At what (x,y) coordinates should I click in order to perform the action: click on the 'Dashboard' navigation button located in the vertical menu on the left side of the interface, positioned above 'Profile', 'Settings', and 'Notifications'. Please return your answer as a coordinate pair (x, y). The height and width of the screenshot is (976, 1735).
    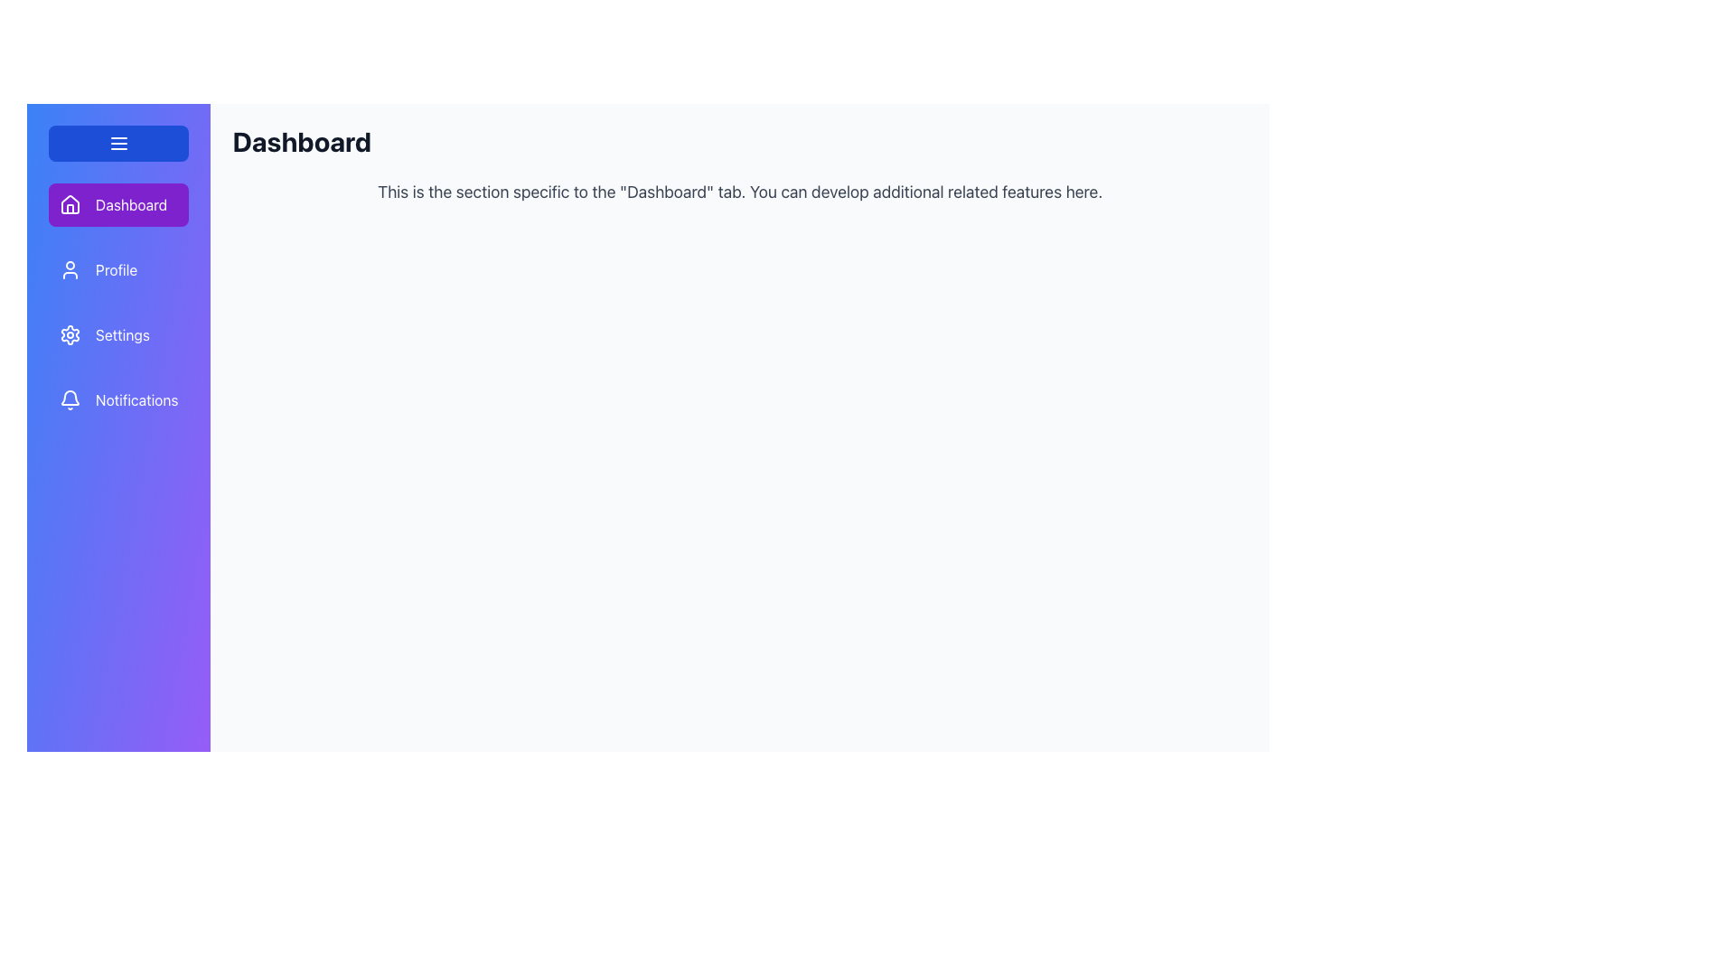
    Looking at the image, I should click on (117, 204).